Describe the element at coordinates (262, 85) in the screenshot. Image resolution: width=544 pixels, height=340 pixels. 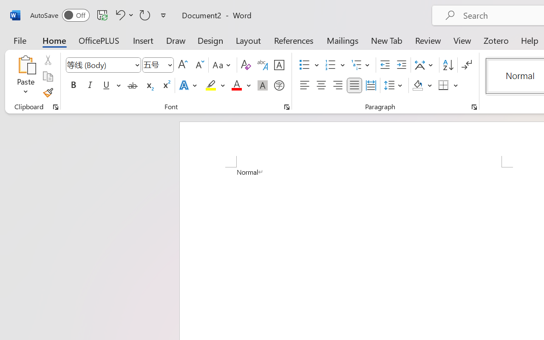
I see `'Character Shading'` at that location.